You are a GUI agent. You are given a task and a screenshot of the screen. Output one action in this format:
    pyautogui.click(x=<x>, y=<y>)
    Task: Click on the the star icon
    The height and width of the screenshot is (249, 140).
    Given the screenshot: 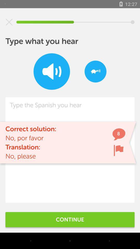 What is the action you would take?
    pyautogui.click(x=9, y=22)
    